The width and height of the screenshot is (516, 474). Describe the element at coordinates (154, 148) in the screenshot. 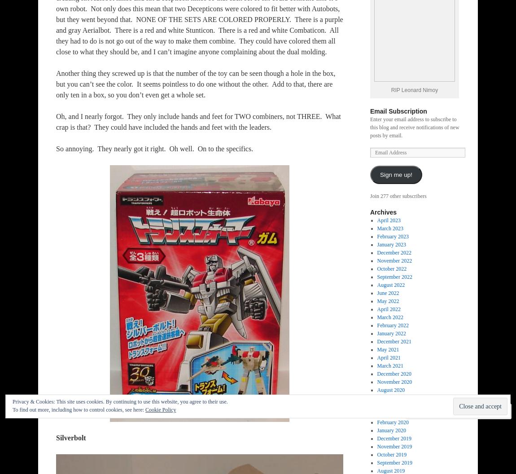

I see `'So annoying.  They nearly got it right.  Oh well.  On to the specifics.'` at that location.